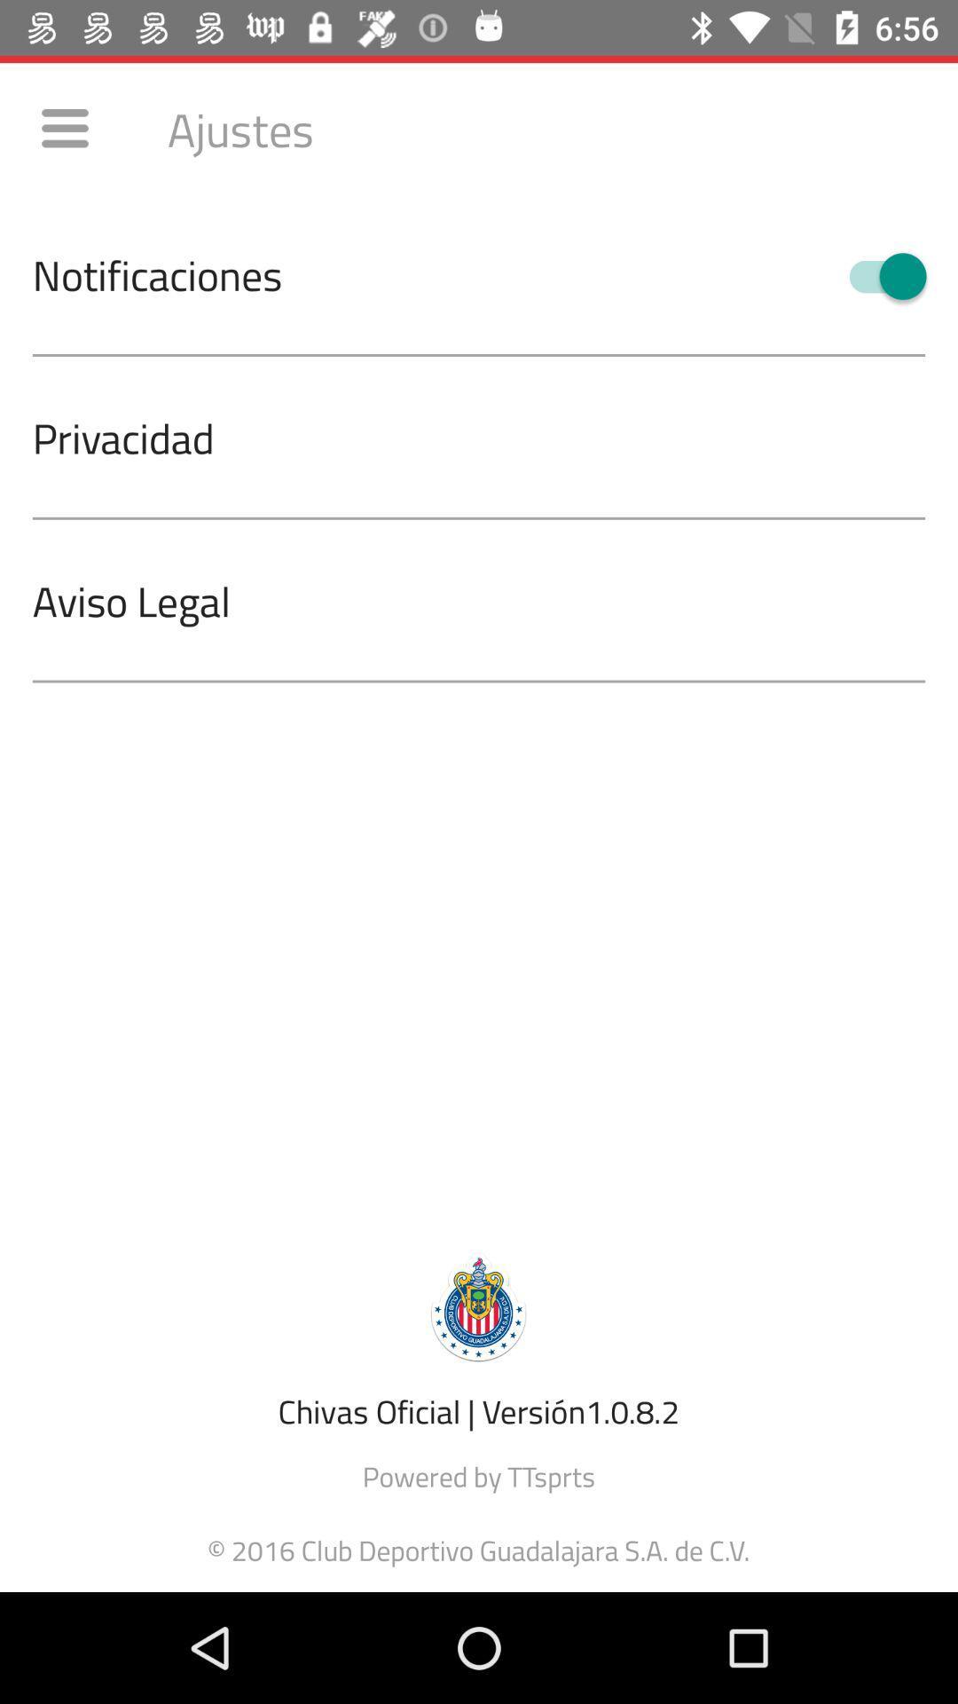 The height and width of the screenshot is (1704, 958). I want to click on the icon below the ajustes icon, so click(879, 275).